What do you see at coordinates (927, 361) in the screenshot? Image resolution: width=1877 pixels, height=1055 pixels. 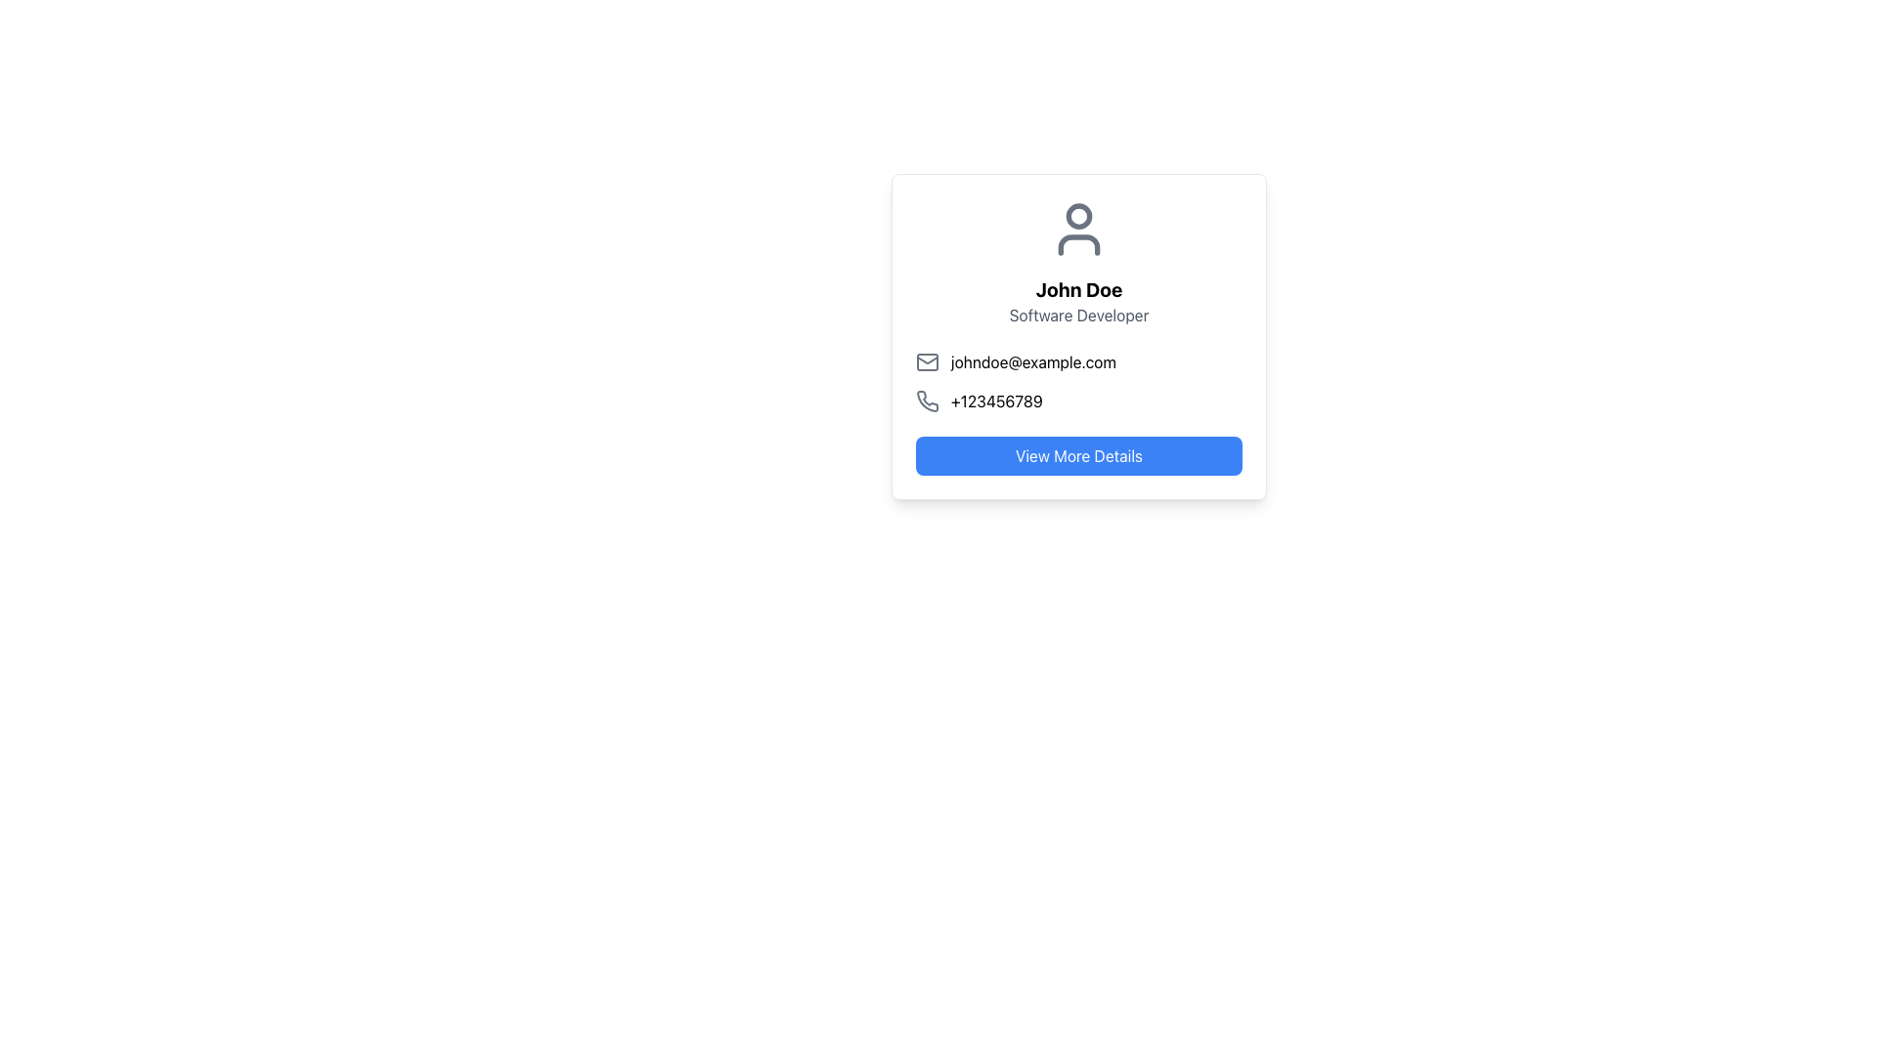 I see `the envelope icon representing the email feature, which is located to the left of the email text 'johndoe@example.com' within the contact detail section of a card layout` at bounding box center [927, 361].